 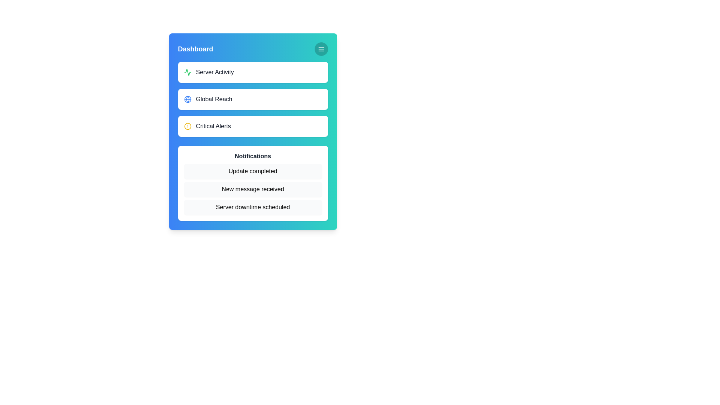 I want to click on the green activity waveform icon located to the left of the text 'Server Activity' in the first item of the vertical list on the 'Dashboard' card, so click(x=187, y=72).